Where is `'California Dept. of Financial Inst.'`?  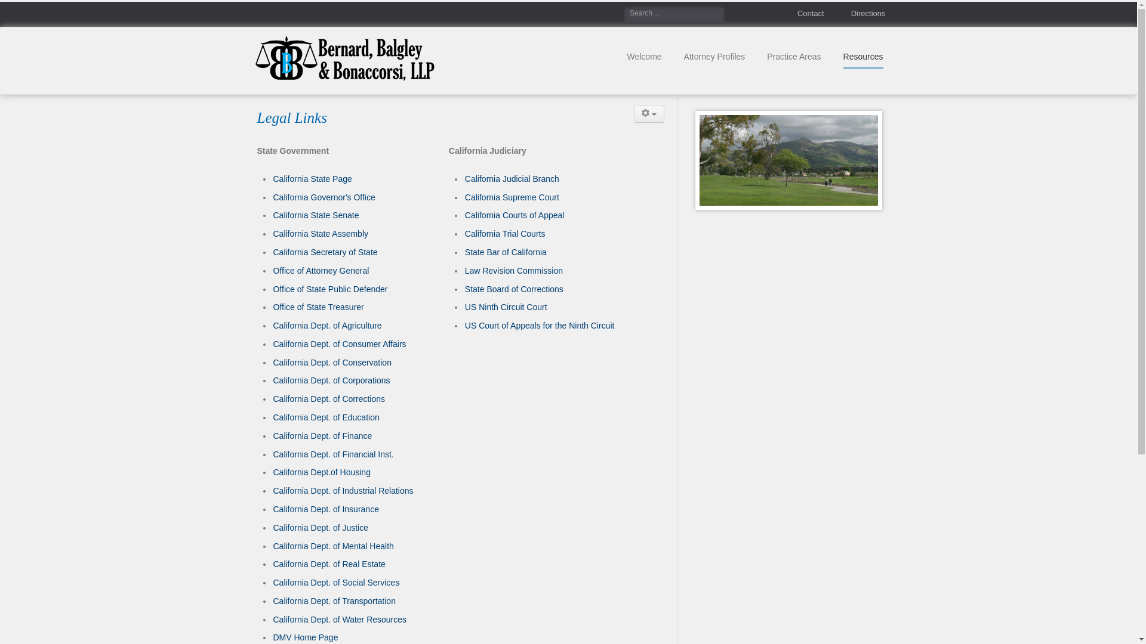
'California Dept. of Financial Inst.' is located at coordinates (333, 454).